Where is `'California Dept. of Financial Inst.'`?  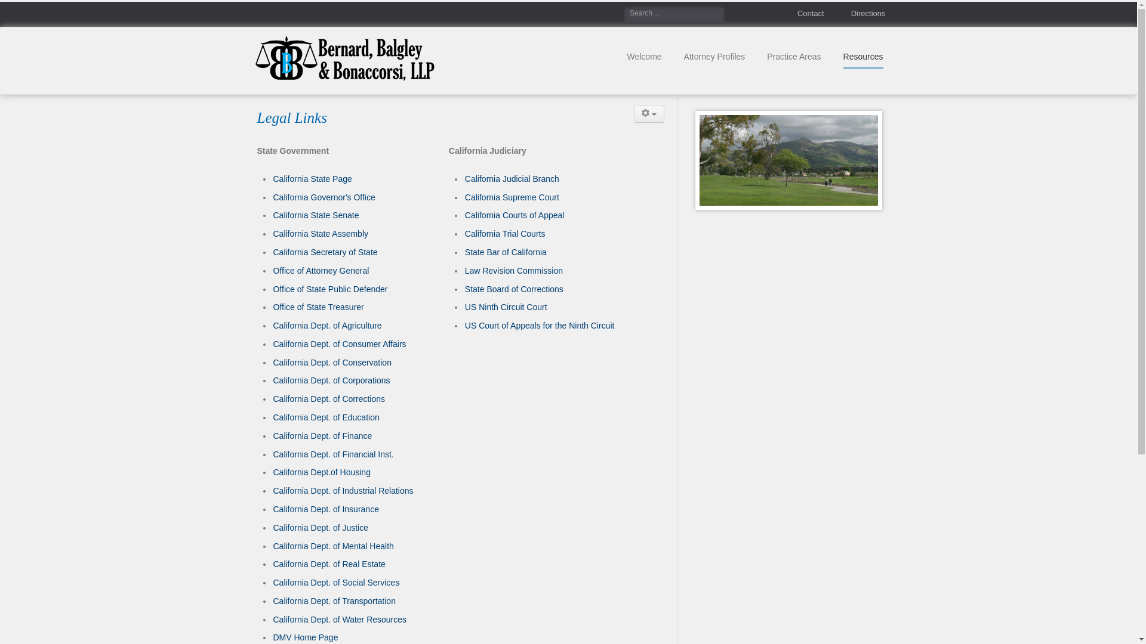
'California Dept. of Financial Inst.' is located at coordinates (333, 454).